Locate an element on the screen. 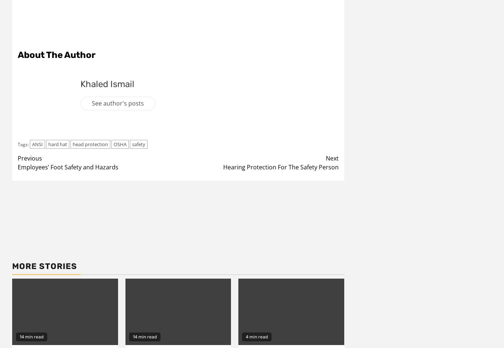 The image size is (504, 348). 'See author's posts' is located at coordinates (118, 103).